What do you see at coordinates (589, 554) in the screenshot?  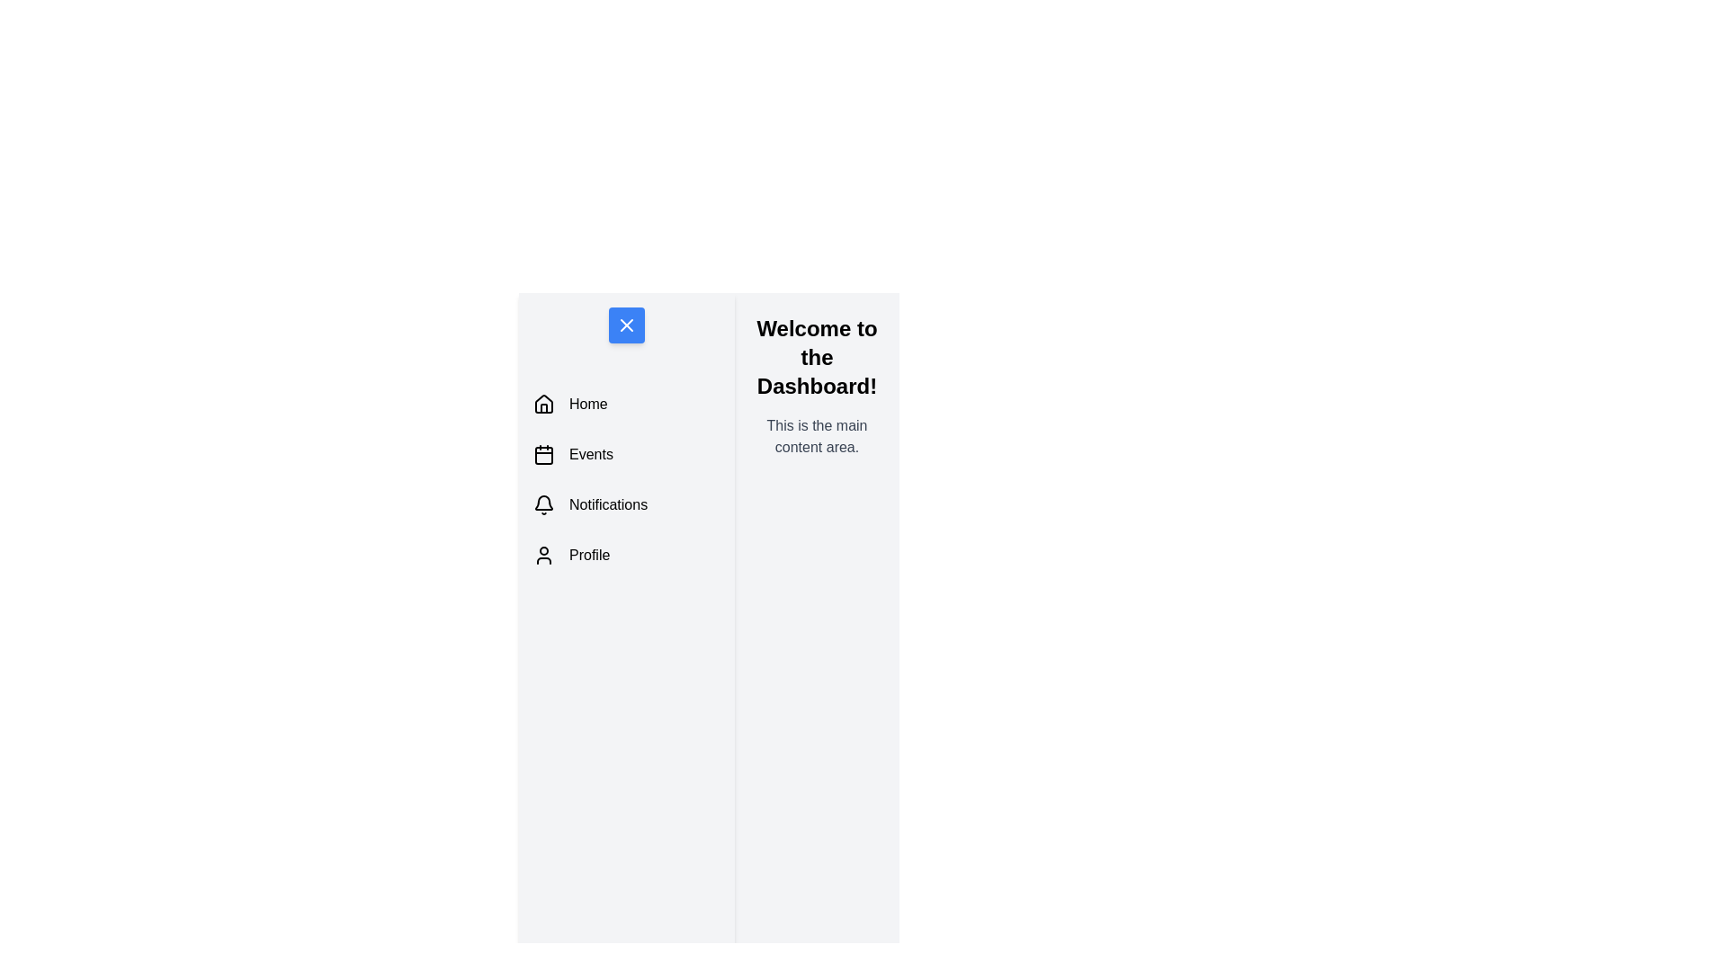 I see `the 'Profile' text label located at the bottom of the sidebar menu` at bounding box center [589, 554].